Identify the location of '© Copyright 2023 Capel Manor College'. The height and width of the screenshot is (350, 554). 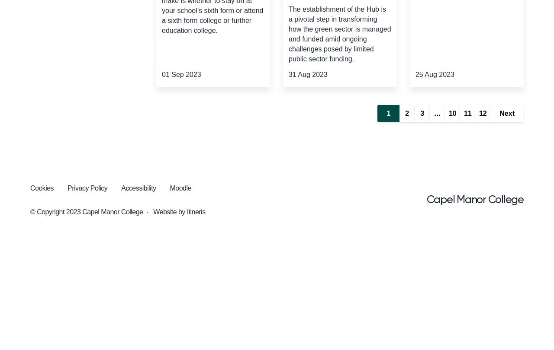
(86, 212).